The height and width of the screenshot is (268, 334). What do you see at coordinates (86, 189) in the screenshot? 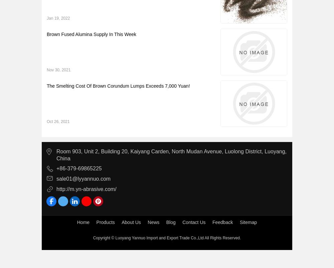
I see `'http://m.yn-abrasive.com/'` at bounding box center [86, 189].